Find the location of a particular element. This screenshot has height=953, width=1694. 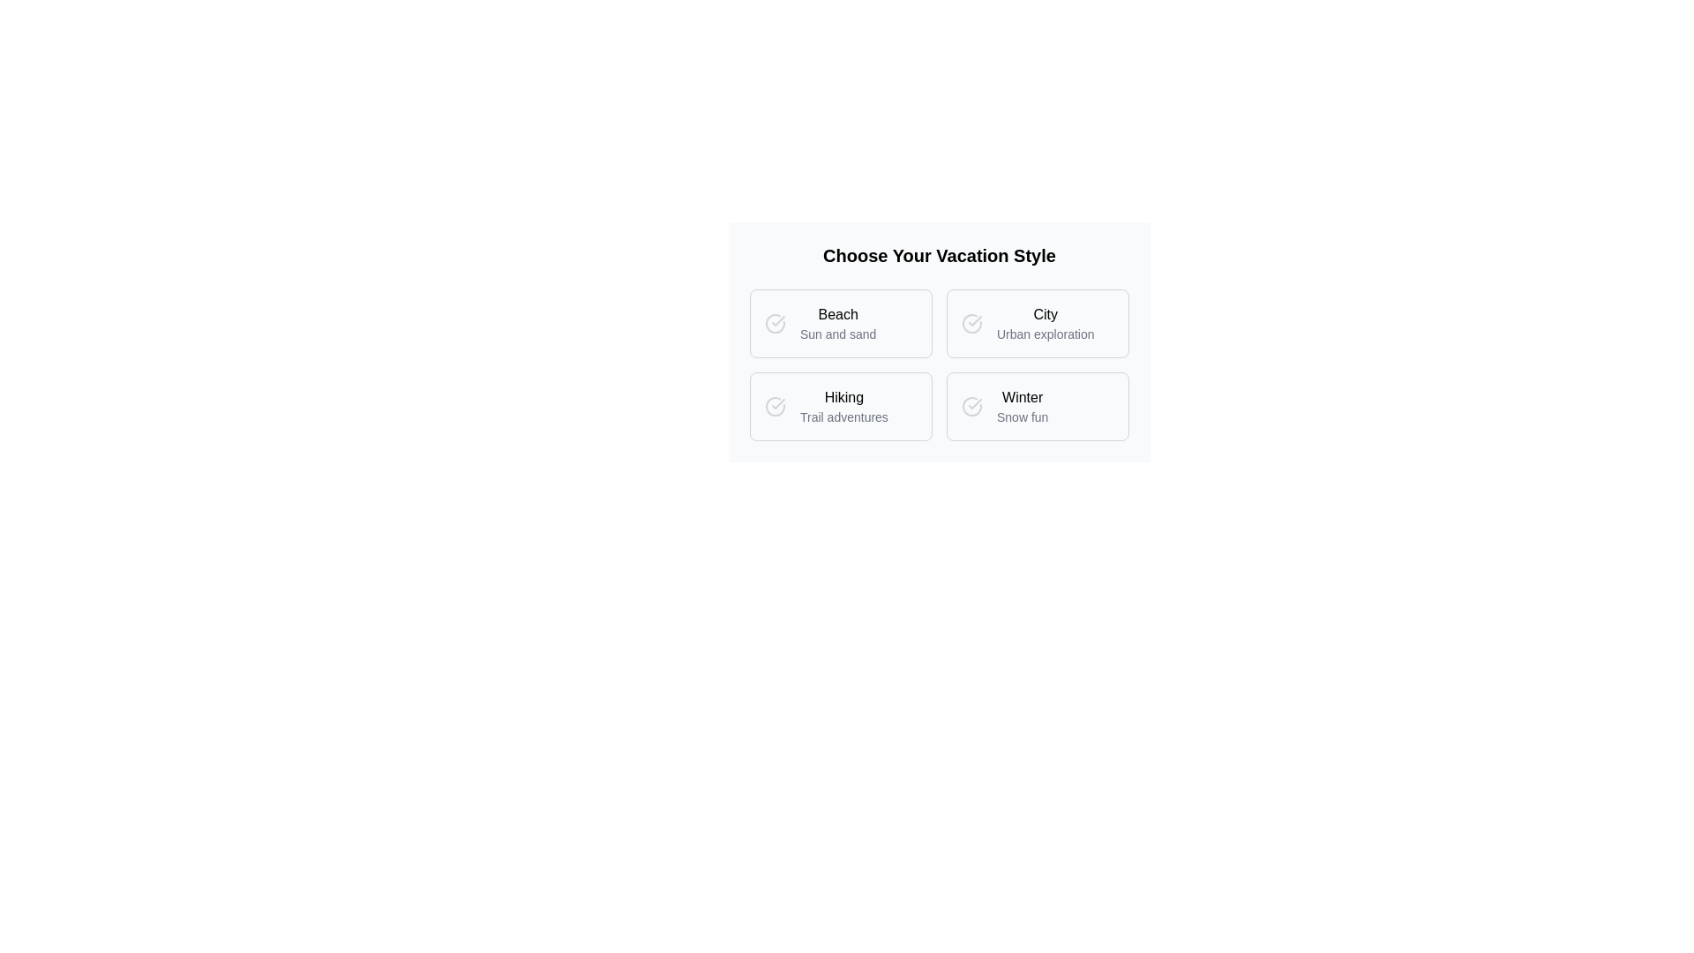

the 'Winter Snow fun' selectable card located in the bottom-right position of a 2x2 grid layout is located at coordinates (1038, 407).